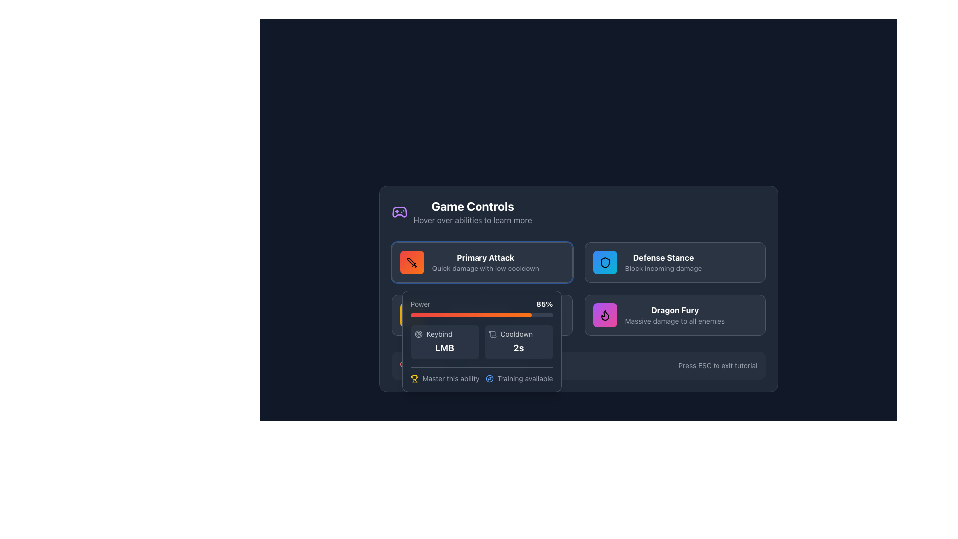 The height and width of the screenshot is (539, 958). I want to click on the energy icon located in the lower-left part of the 'Primary Attack' section, immediately to the left of the orange progress bar labeled 'Power 85%', so click(412, 315).